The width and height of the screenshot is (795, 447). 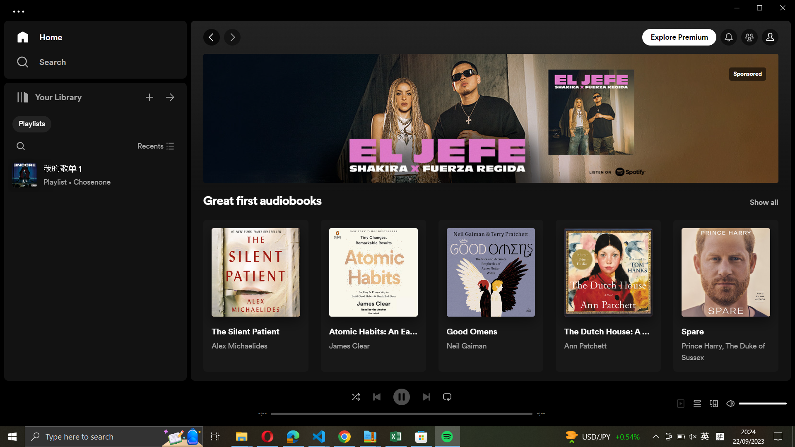 I want to click on Navigate back, so click(x=212, y=38).